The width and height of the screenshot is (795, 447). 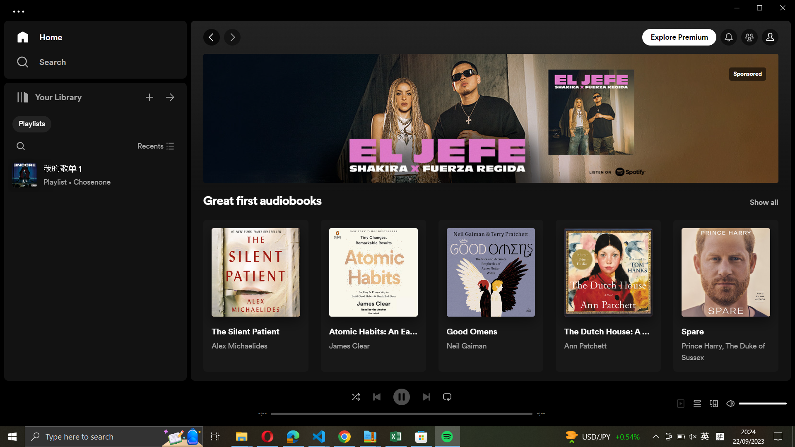 I want to click on Navigate back, so click(x=212, y=38).